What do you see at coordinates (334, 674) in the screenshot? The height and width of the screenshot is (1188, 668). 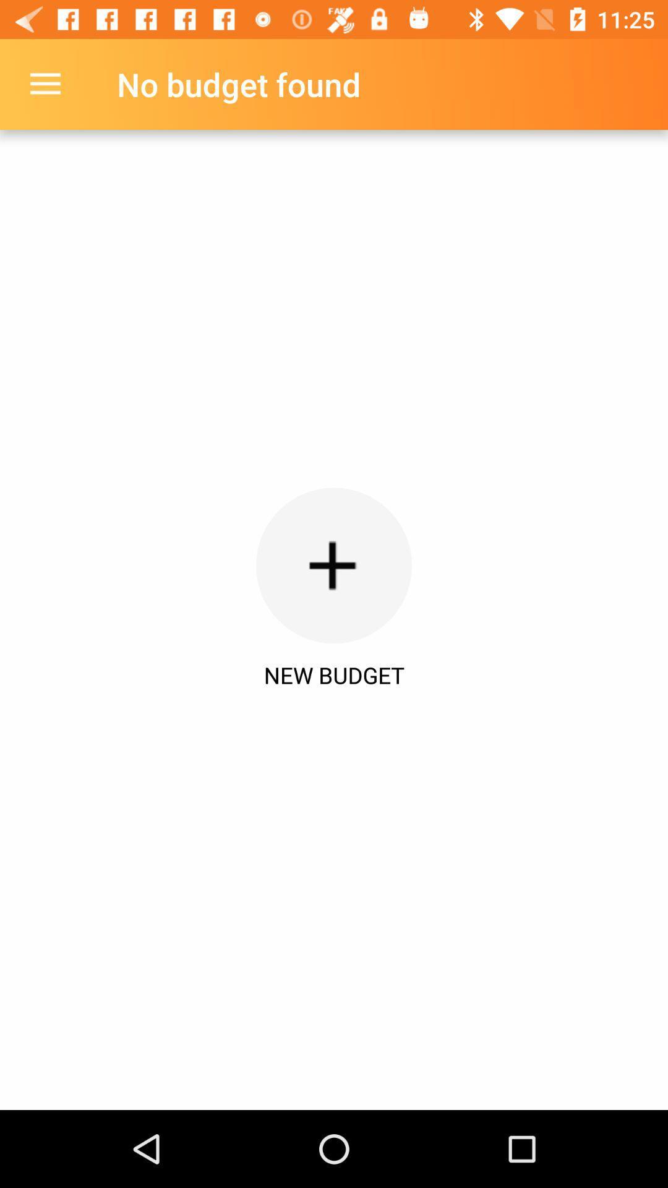 I see `new budget icon` at bounding box center [334, 674].